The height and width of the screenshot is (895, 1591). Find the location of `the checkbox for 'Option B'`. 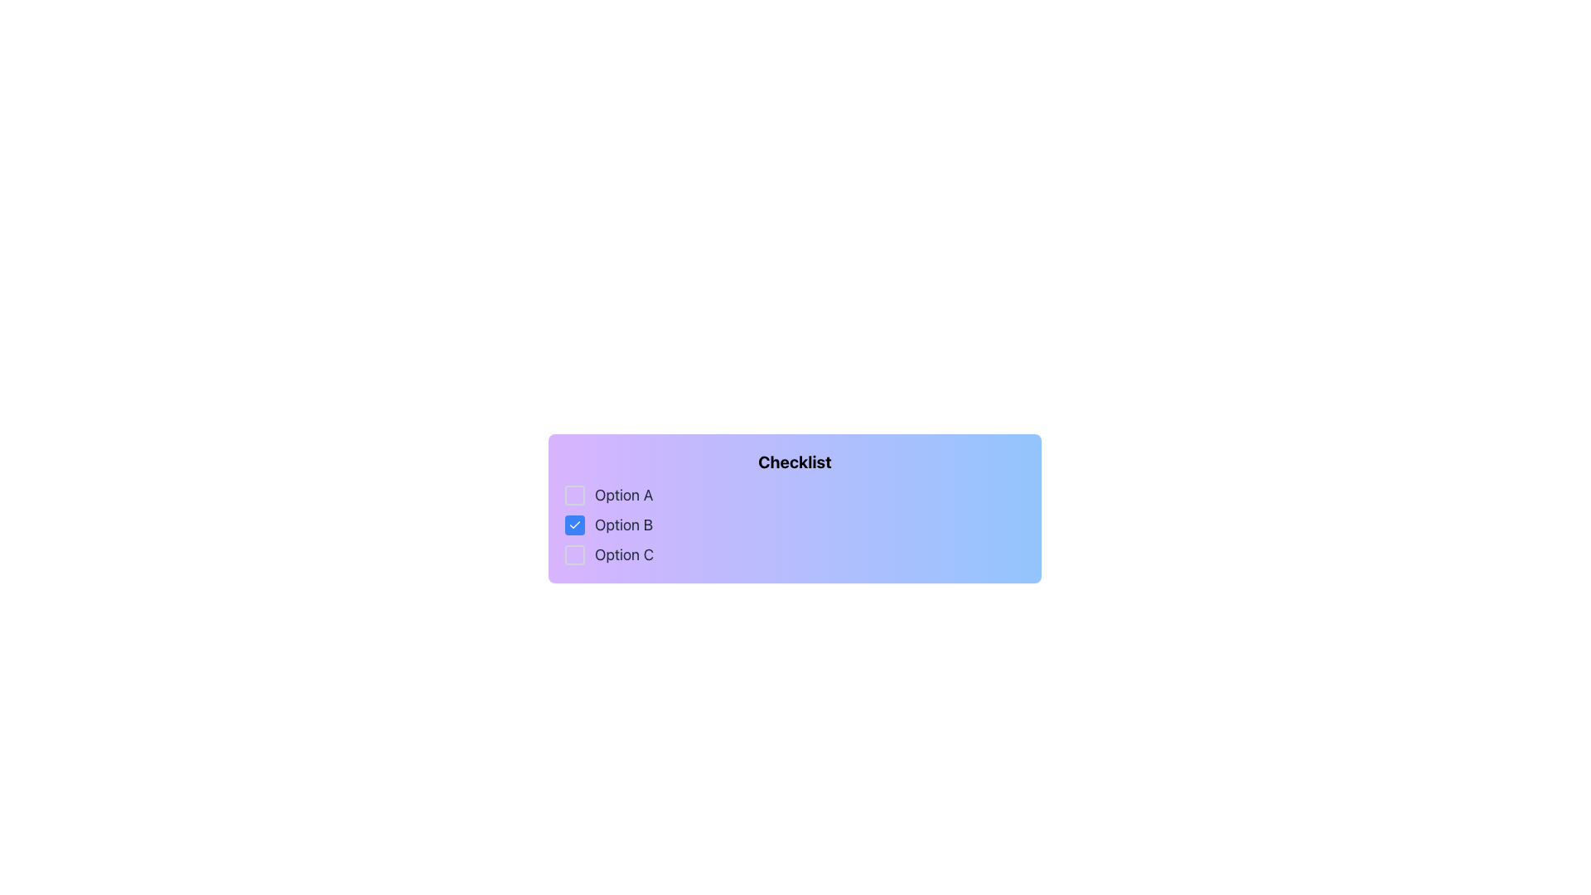

the checkbox for 'Option B' is located at coordinates (575, 525).